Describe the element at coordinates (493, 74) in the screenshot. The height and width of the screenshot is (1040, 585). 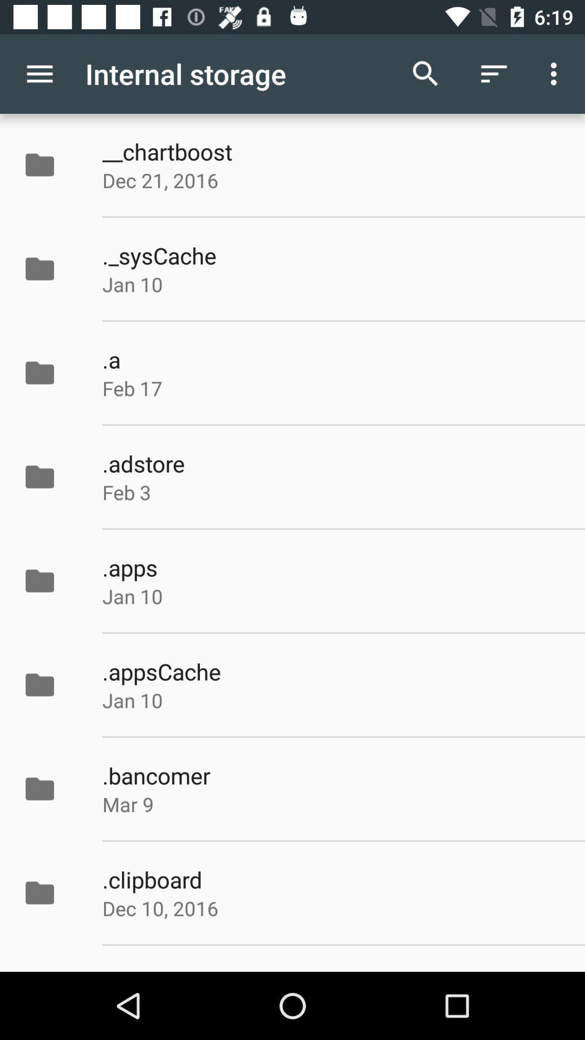
I see `the option beside search` at that location.